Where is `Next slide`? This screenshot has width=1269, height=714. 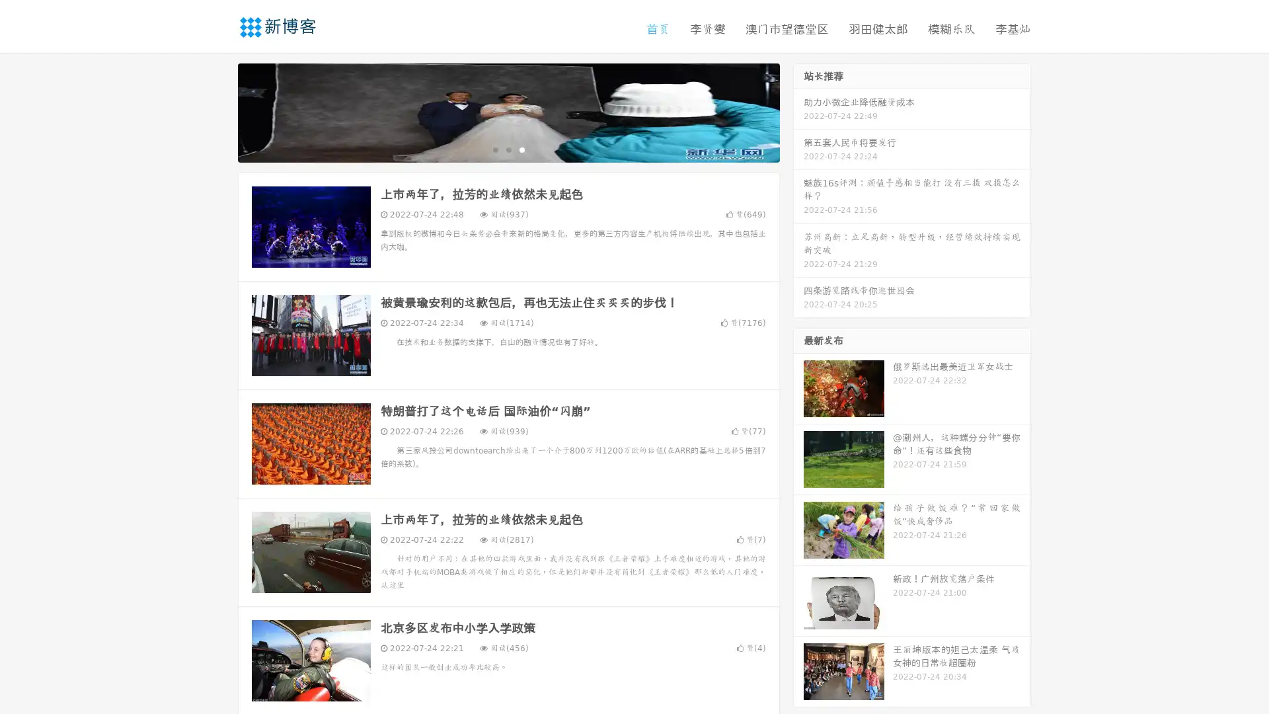 Next slide is located at coordinates (798, 111).